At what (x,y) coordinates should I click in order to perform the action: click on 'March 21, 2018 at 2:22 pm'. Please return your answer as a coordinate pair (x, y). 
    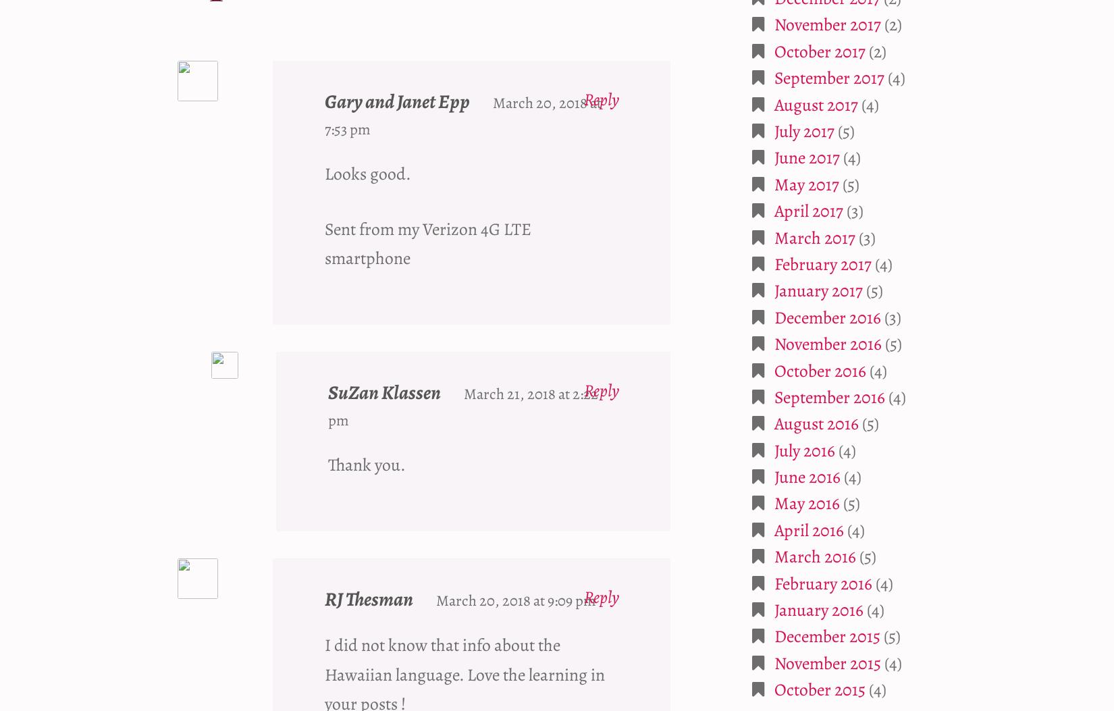
    Looking at the image, I should click on (462, 406).